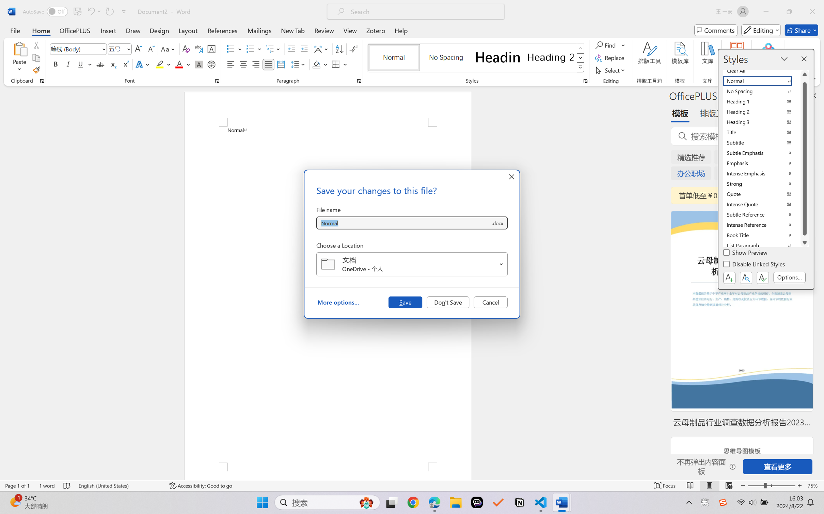  Describe the element at coordinates (243, 64) in the screenshot. I see `'Center'` at that location.